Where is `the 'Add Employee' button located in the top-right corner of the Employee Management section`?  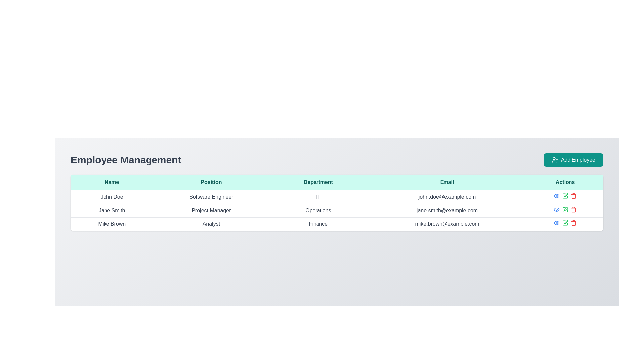
the 'Add Employee' button located in the top-right corner of the Employee Management section is located at coordinates (573, 160).